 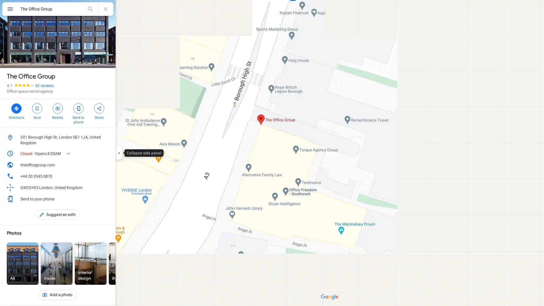 What do you see at coordinates (97, 176) in the screenshot?
I see `Copy phone number` at bounding box center [97, 176].